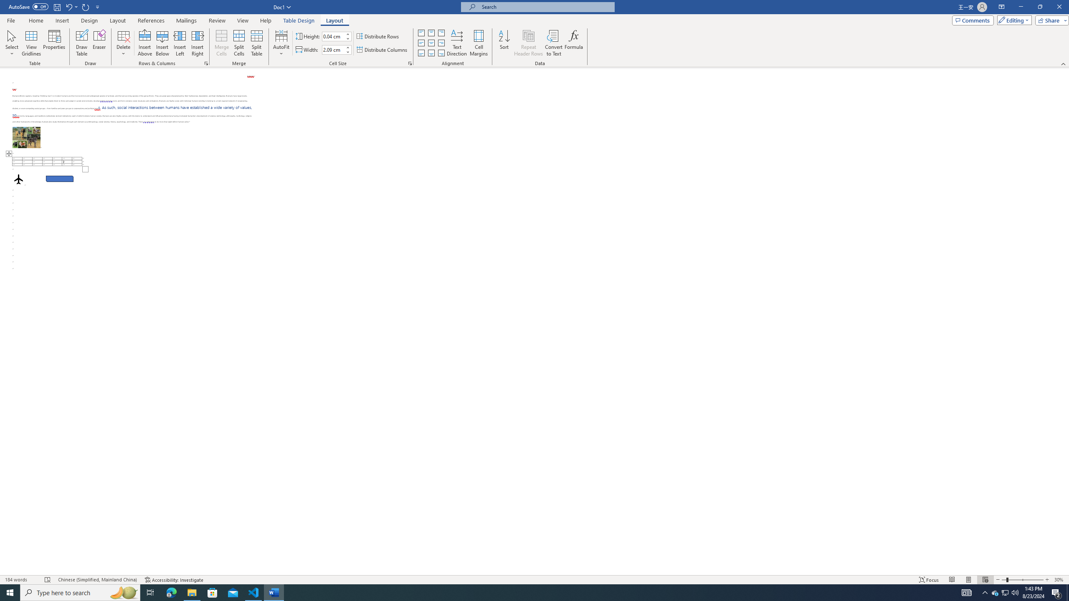 This screenshot has width=1069, height=601. I want to click on 'Cell Margins...', so click(478, 43).